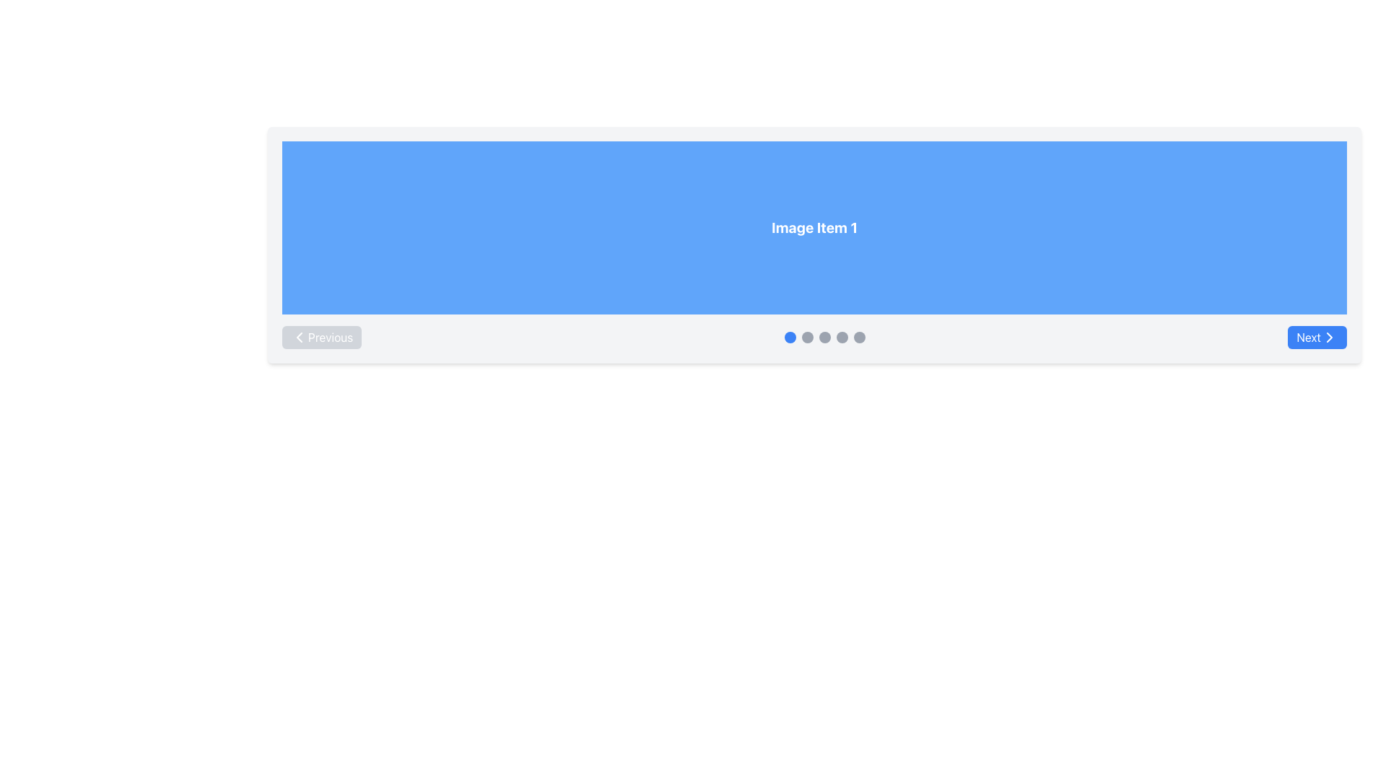 This screenshot has height=779, width=1386. I want to click on the fourth circle of the carousel indicator, so click(842, 337).